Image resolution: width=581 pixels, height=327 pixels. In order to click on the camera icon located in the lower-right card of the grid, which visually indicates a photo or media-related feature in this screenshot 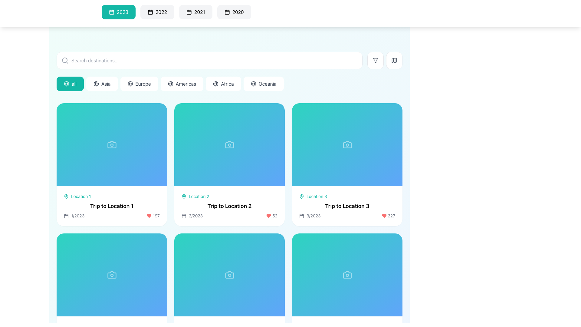, I will do `click(347, 275)`.